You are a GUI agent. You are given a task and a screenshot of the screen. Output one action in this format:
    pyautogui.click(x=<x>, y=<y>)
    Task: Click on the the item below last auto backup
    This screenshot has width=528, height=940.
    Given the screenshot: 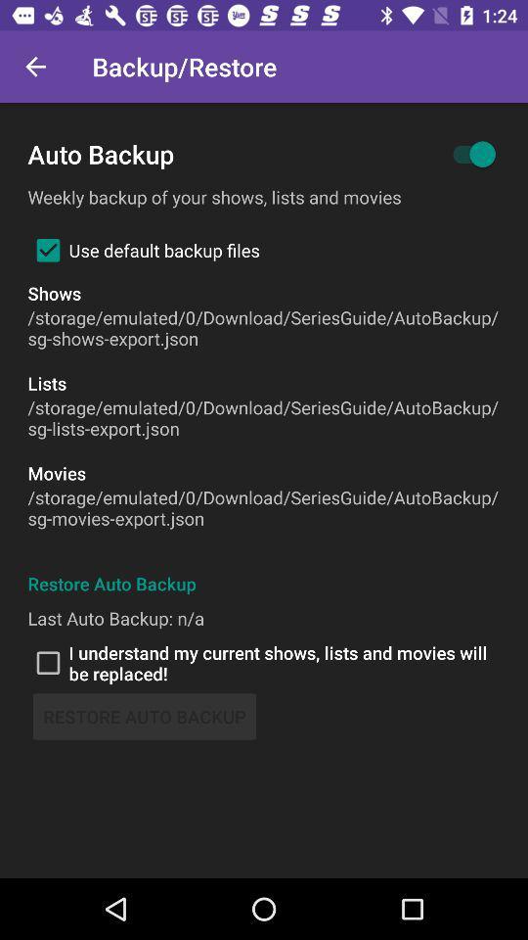 What is the action you would take?
    pyautogui.click(x=264, y=663)
    